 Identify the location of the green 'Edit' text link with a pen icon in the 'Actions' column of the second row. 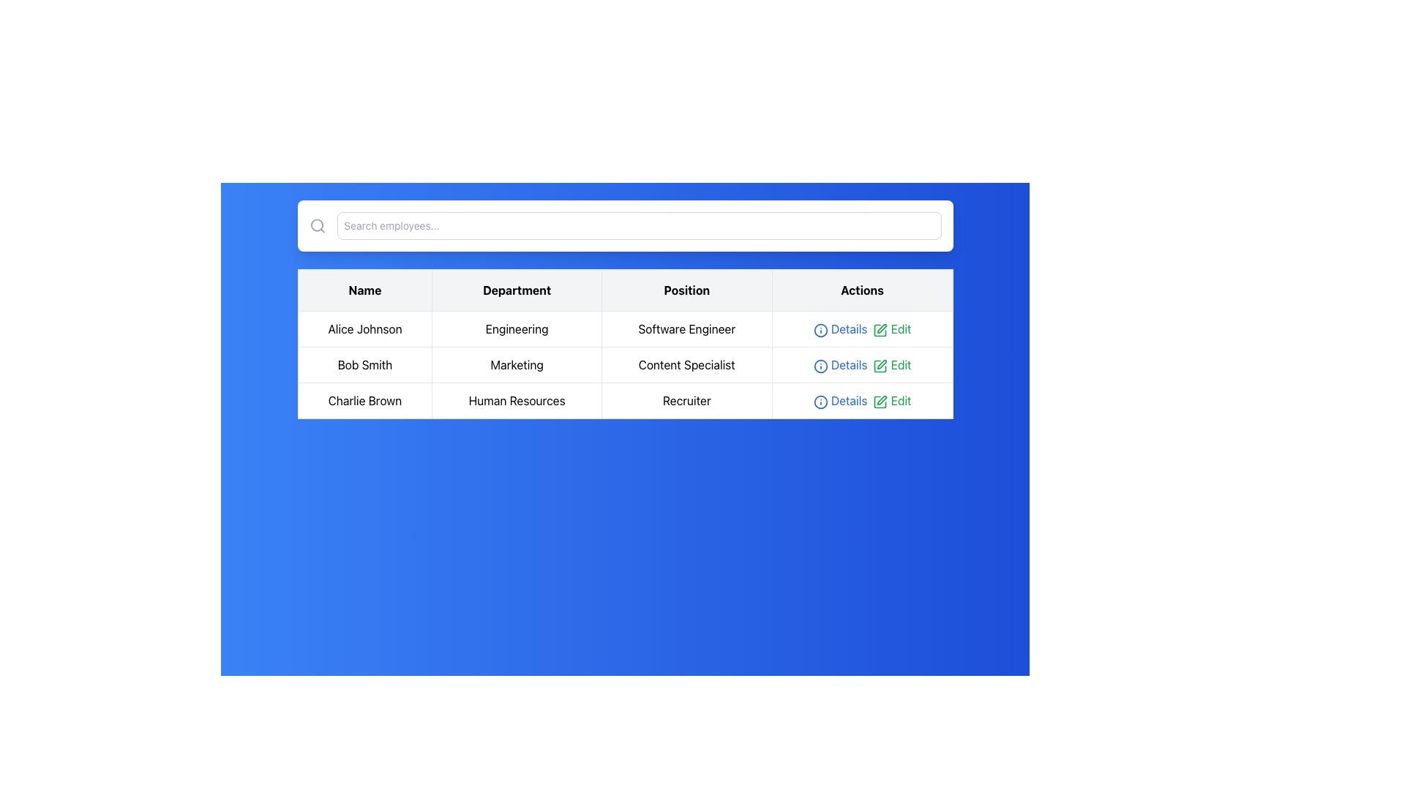
(891, 364).